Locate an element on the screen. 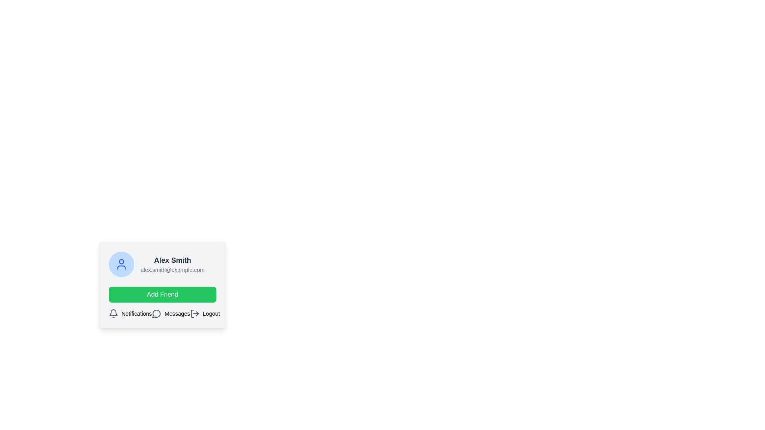 This screenshot has width=765, height=430. the User profile display section, which shows the user's name and contact details is located at coordinates (162, 264).